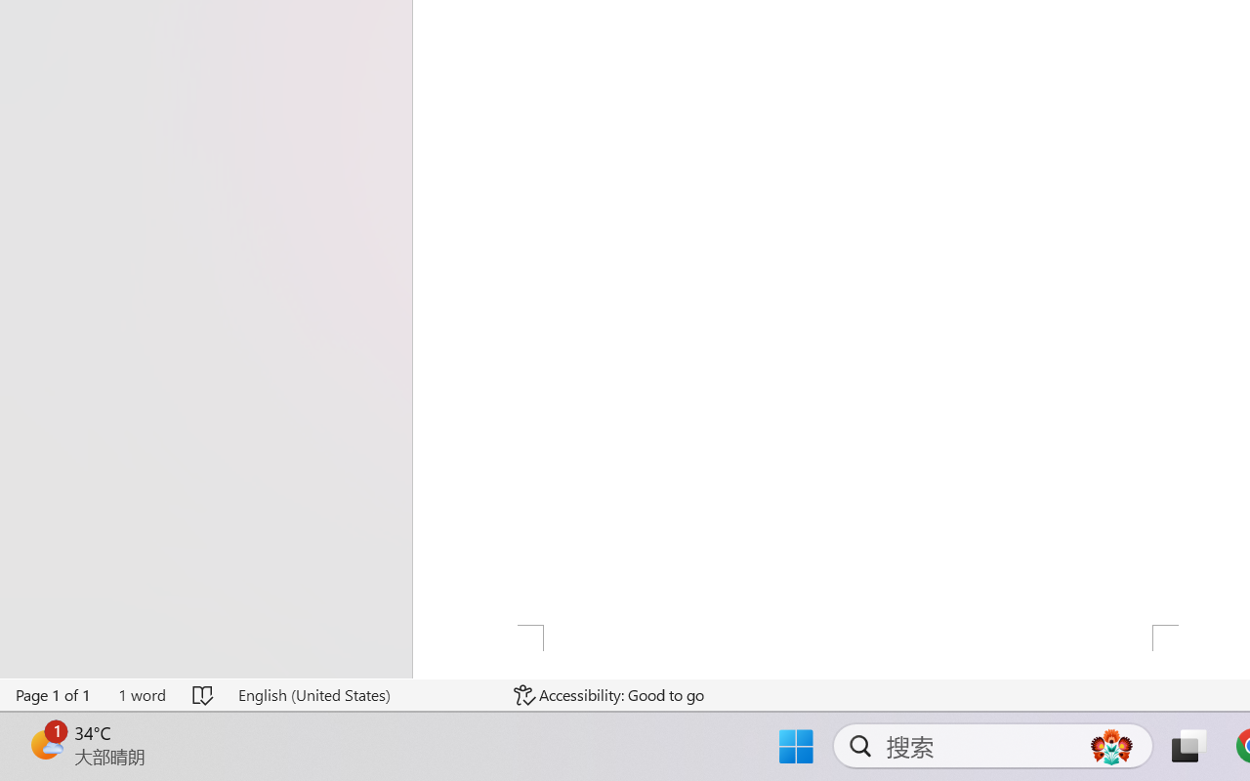 Image resolution: width=1250 pixels, height=781 pixels. I want to click on 'Spelling and Grammar Check No Errors', so click(204, 694).